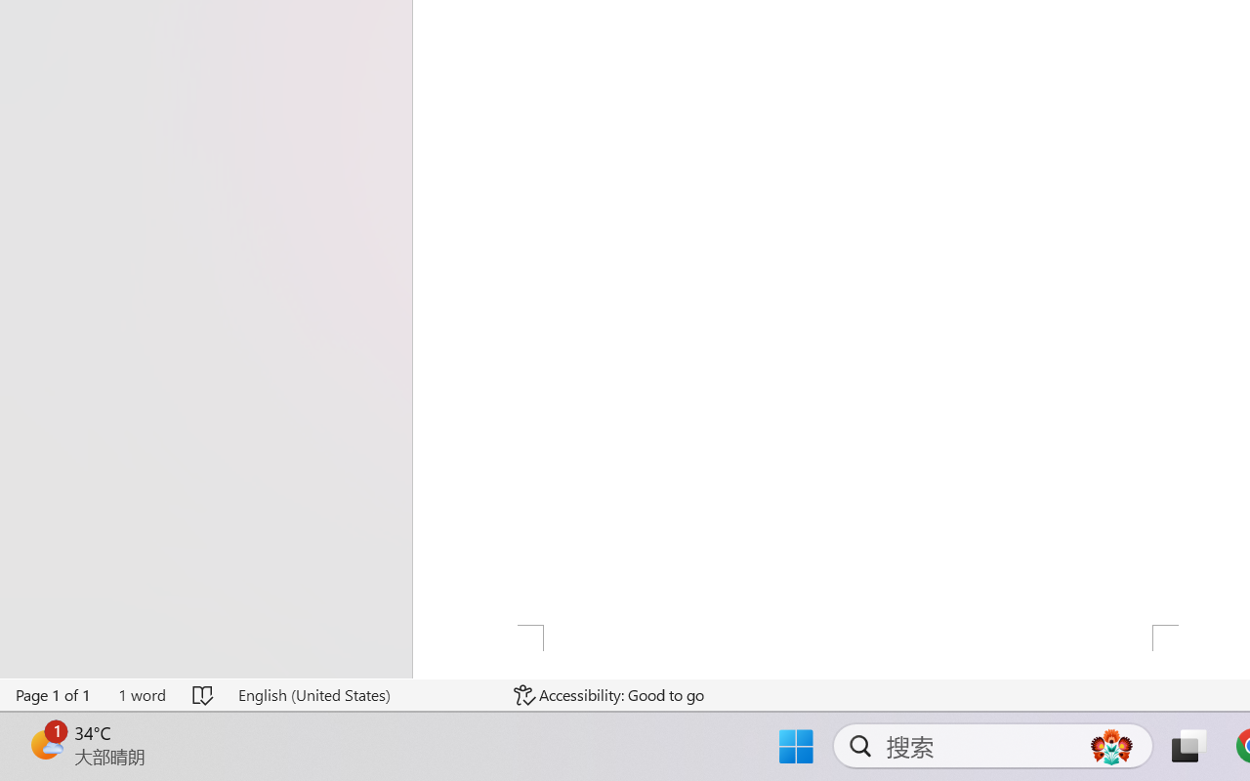 Image resolution: width=1250 pixels, height=781 pixels. I want to click on 'Spelling and Grammar Check No Errors', so click(204, 694).